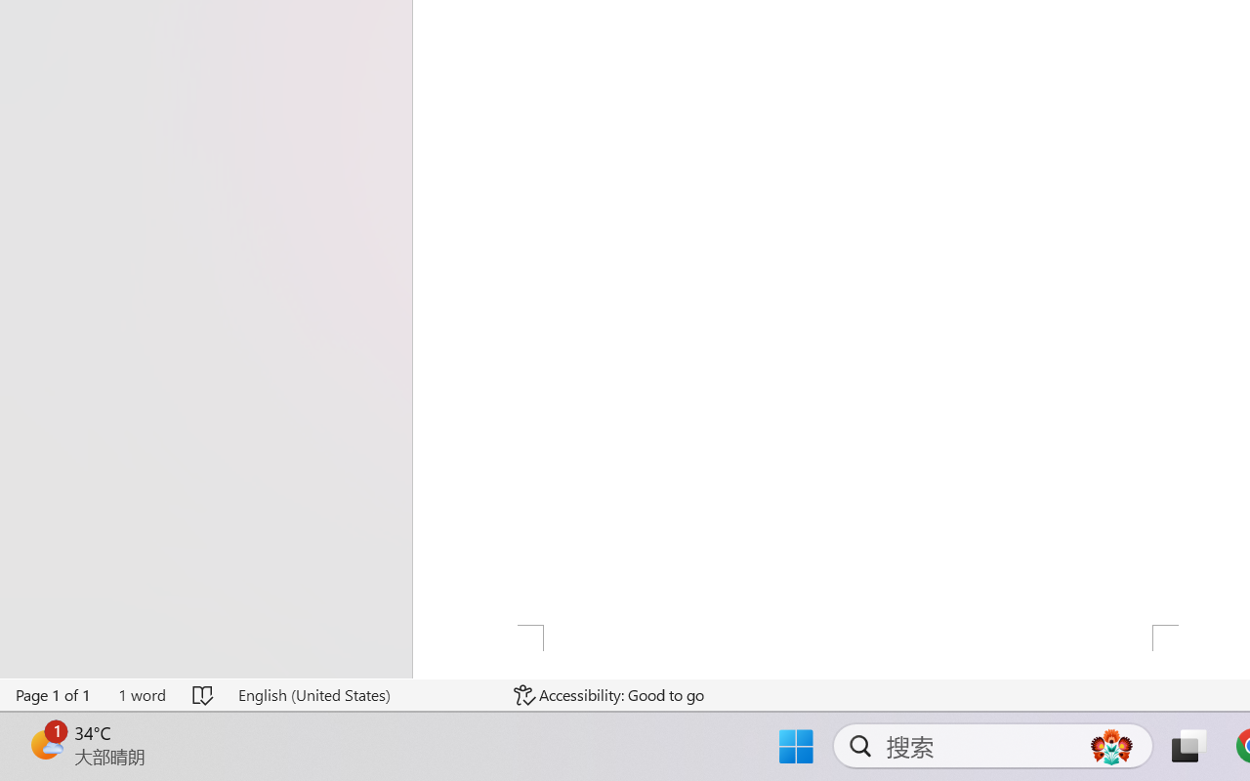 Image resolution: width=1250 pixels, height=781 pixels. I want to click on 'Spelling and Grammar Check No Errors', so click(204, 694).